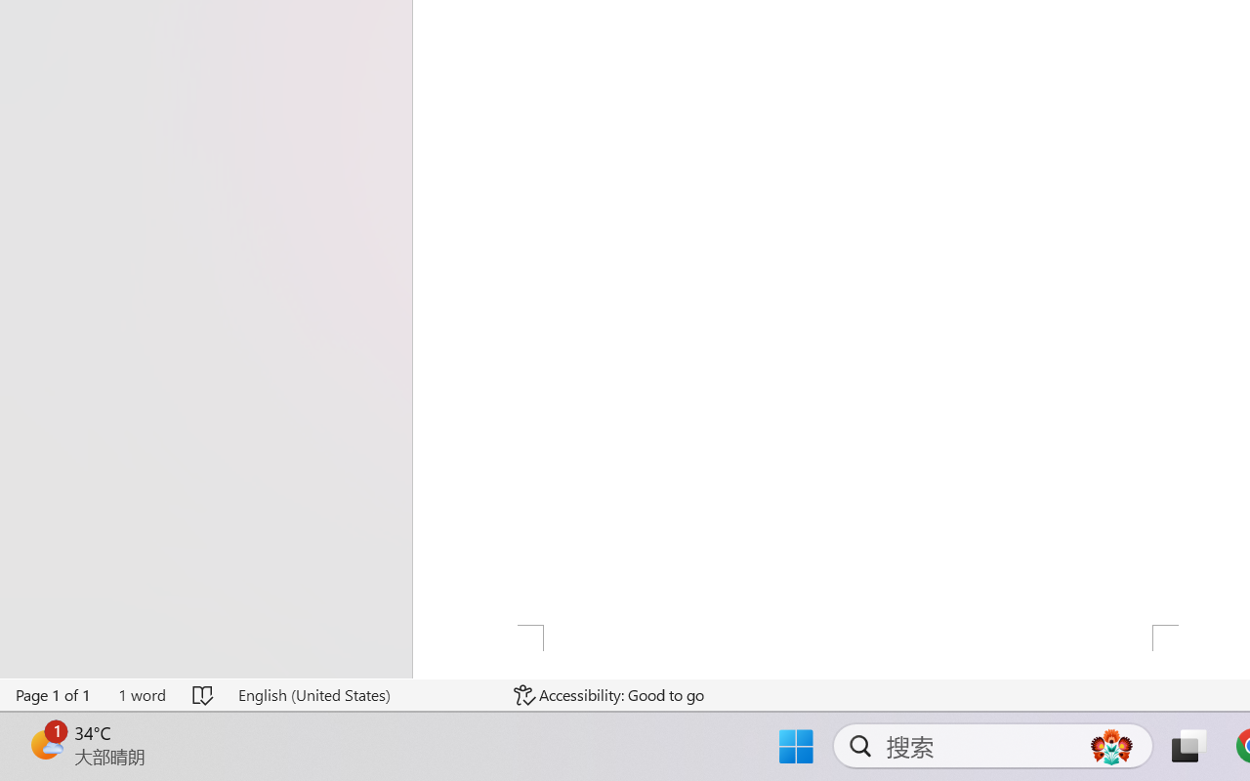 Image resolution: width=1250 pixels, height=781 pixels. I want to click on 'Spelling and Grammar Check No Errors', so click(204, 694).